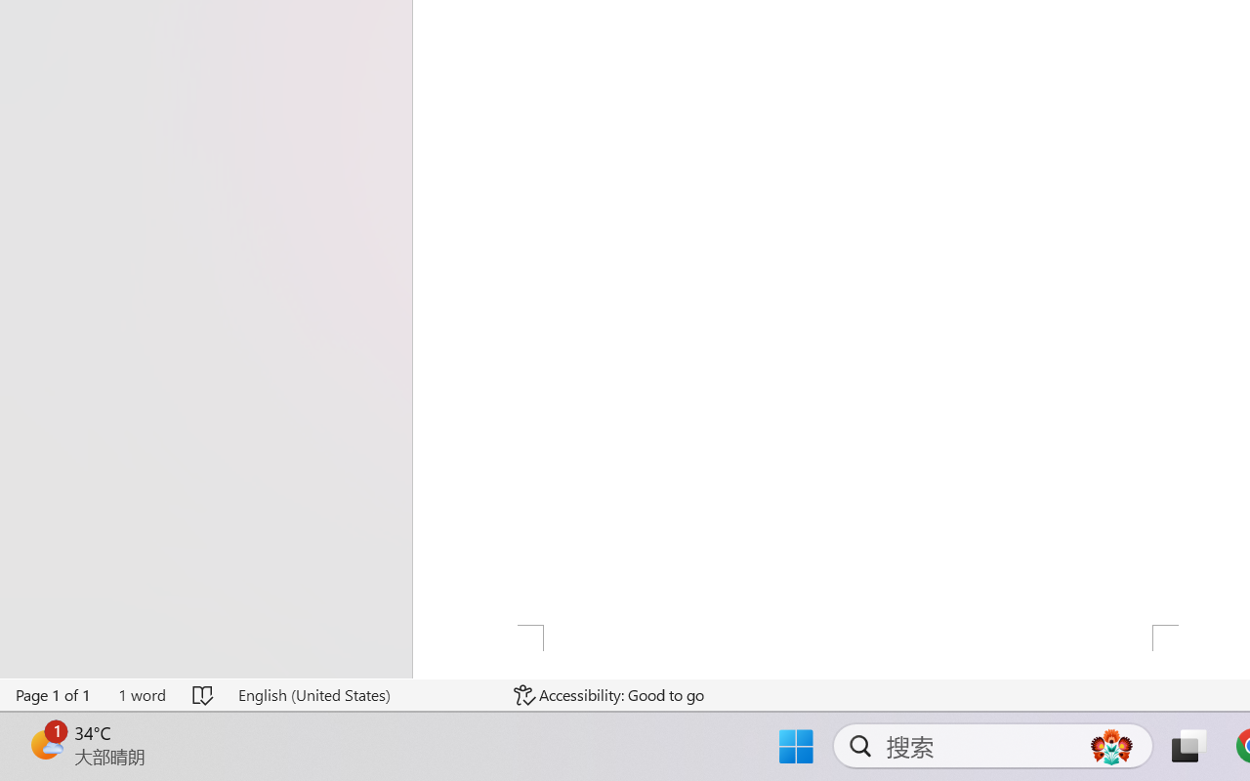 Image resolution: width=1250 pixels, height=781 pixels. I want to click on 'Spelling and Grammar Check No Errors', so click(204, 694).